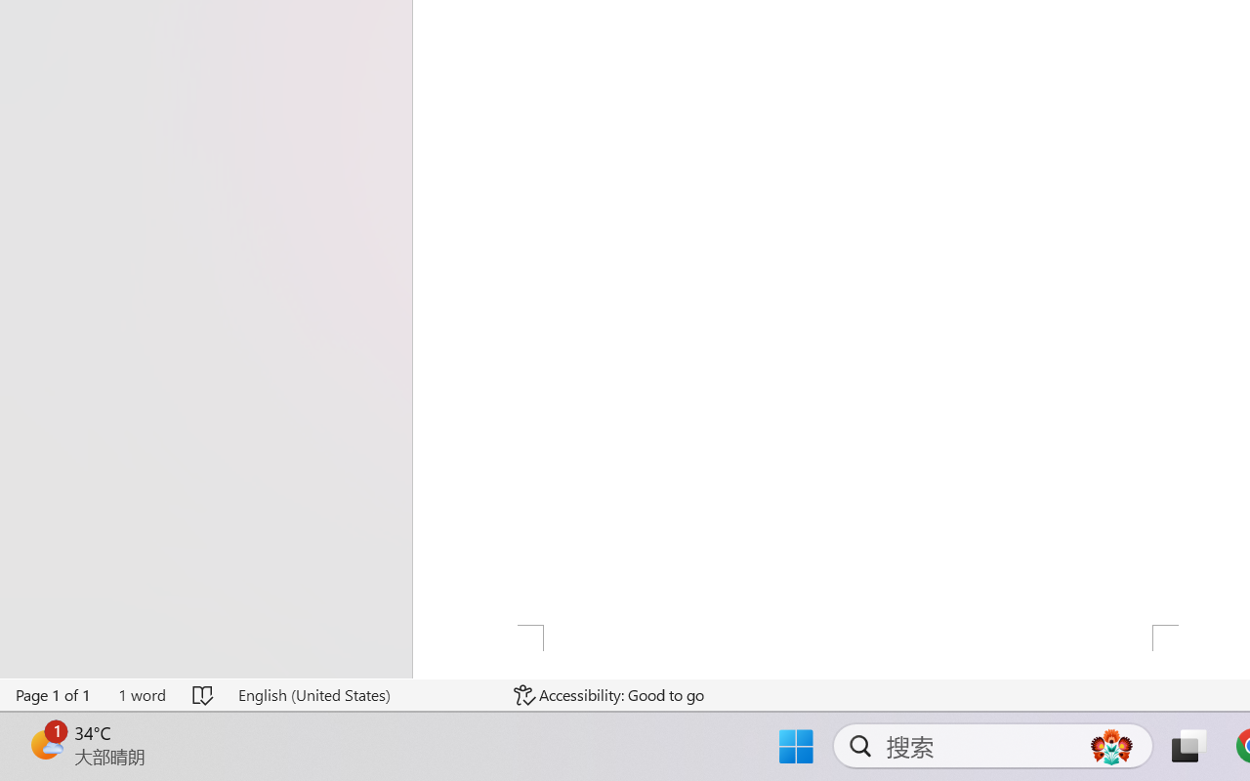 Image resolution: width=1250 pixels, height=781 pixels. I want to click on 'Spelling and Grammar Check No Errors', so click(204, 694).